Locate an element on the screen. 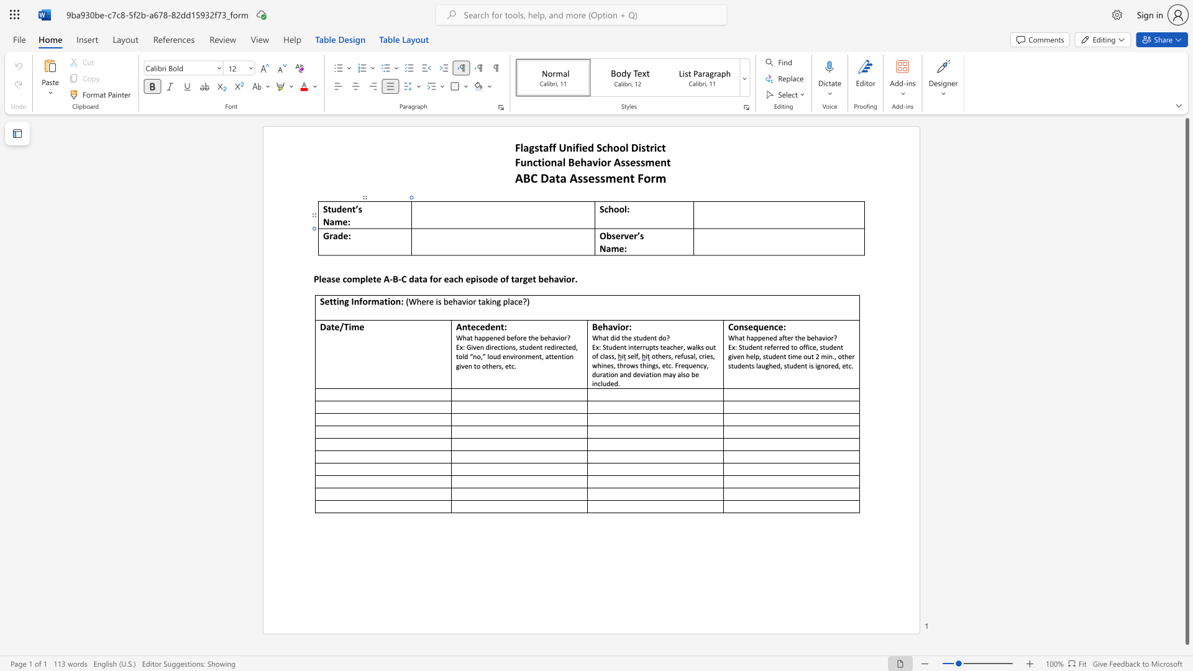 The height and width of the screenshot is (671, 1193). the 1th character "C" in the text is located at coordinates (404, 278).